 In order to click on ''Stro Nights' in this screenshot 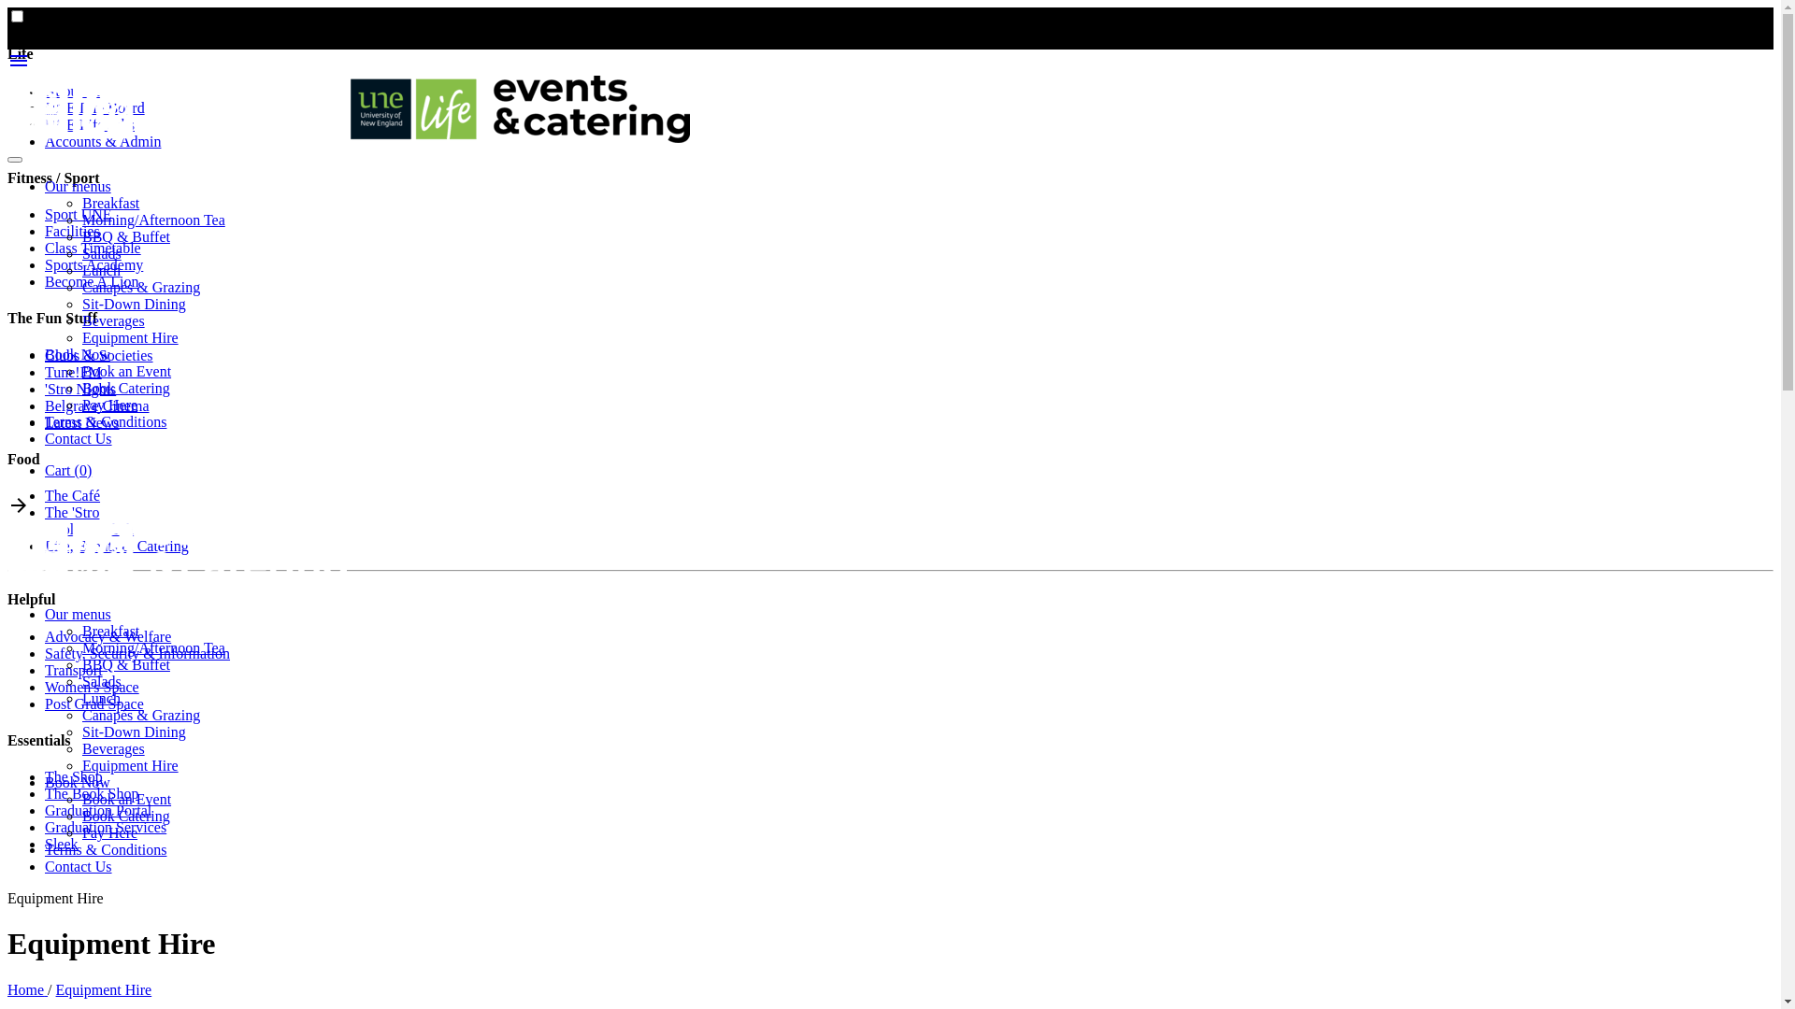, I will do `click(79, 388)`.